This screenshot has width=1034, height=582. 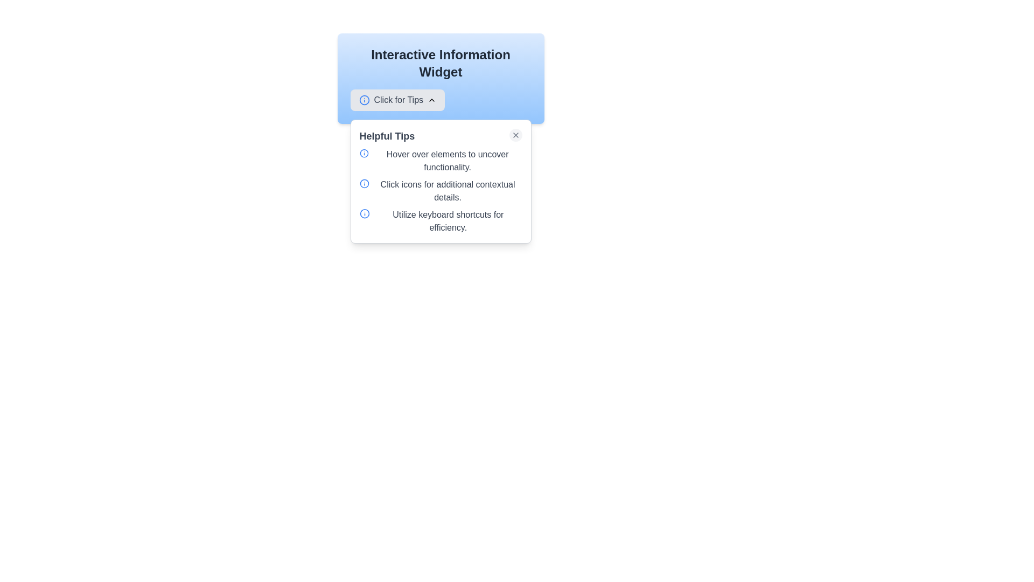 What do you see at coordinates (364, 183) in the screenshot?
I see `blue outlined circular component of the informational icon located in the 'Helpful Tips' section, positioned to the left of the text 'Hover over elements to uncover functionality.'` at bounding box center [364, 183].